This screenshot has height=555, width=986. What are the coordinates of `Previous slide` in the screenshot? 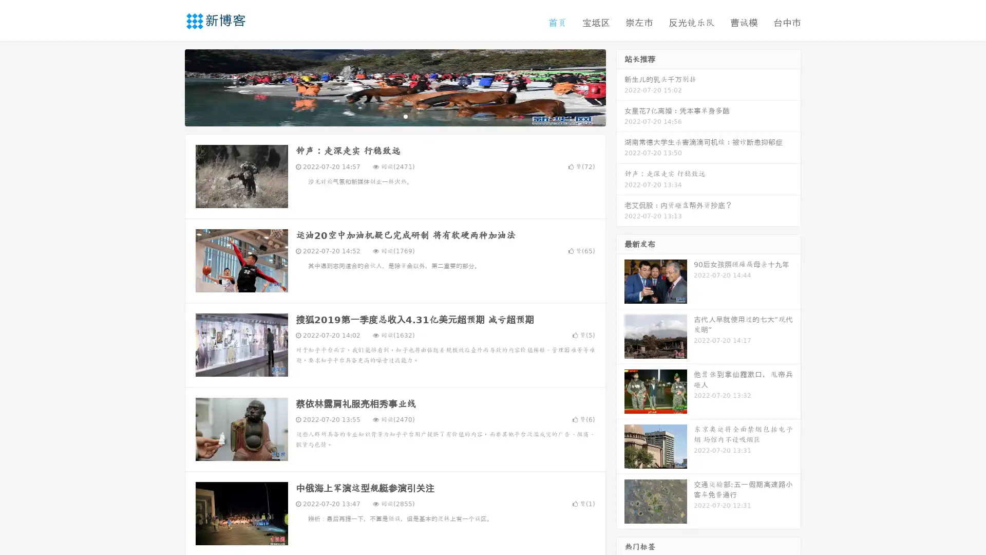 It's located at (169, 86).